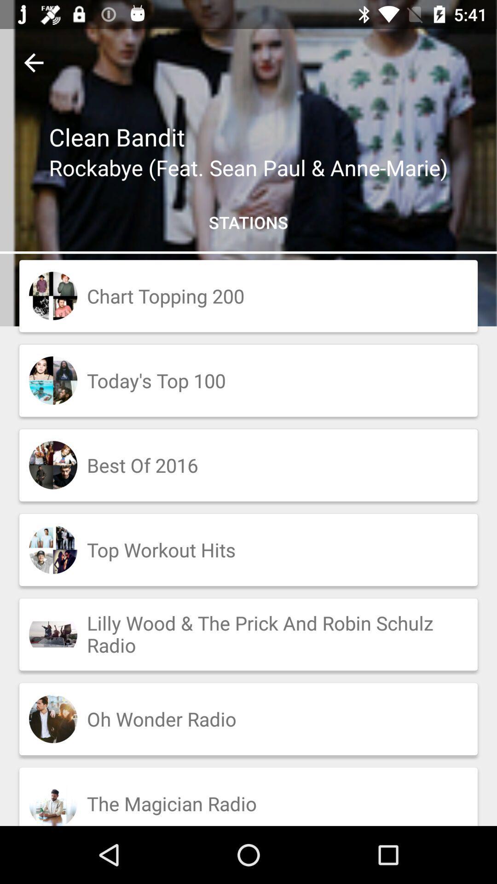 The image size is (497, 884). I want to click on the last image of the bottom left corner, so click(53, 802).